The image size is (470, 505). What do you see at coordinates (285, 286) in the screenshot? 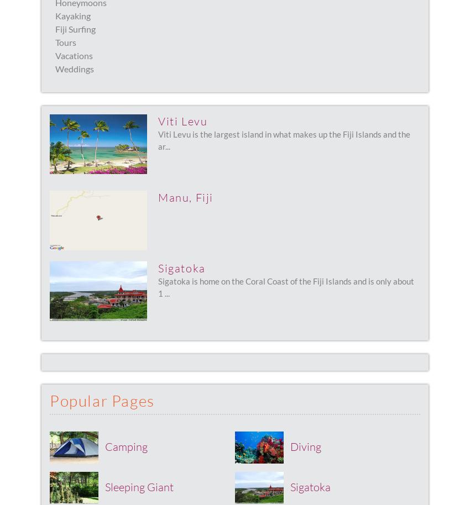
I see `'Sigatoka is home on the Coral Coast of the Fiji Islands and is only about 1 ...'` at bounding box center [285, 286].